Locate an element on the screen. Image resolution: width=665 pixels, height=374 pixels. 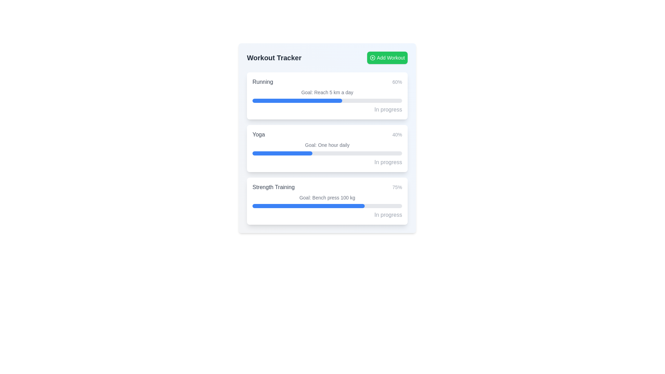
the horizontal blue progress bar representing 60% completion level within the 'Running' task entry is located at coordinates (297, 100).